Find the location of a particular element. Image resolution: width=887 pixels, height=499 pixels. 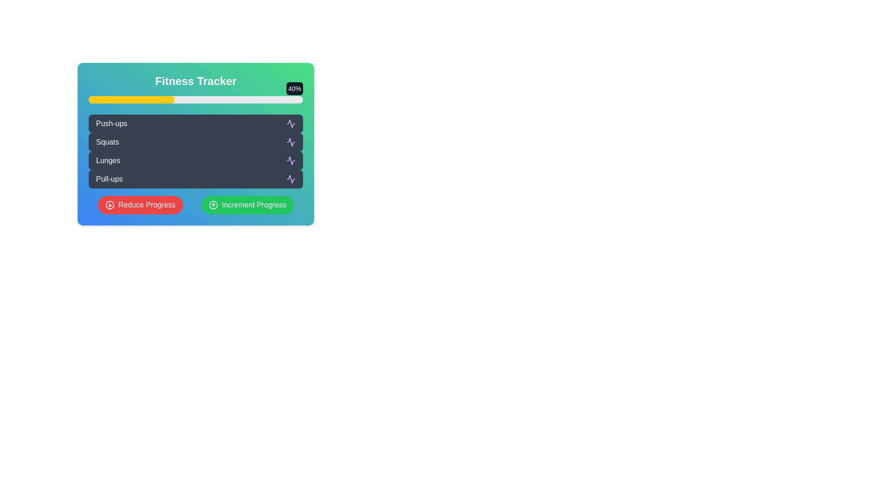

the rightmost icon in the 'Pull-ups' activity row, which serves as an identifier for the activity type in the Fitness Tracker panel is located at coordinates (290, 179).